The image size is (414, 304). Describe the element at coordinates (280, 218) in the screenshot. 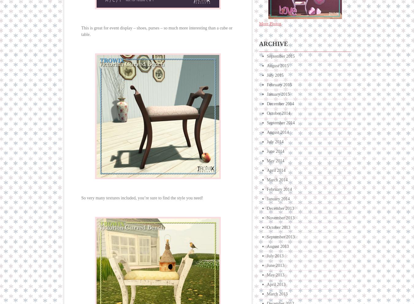

I see `'November 2013'` at that location.